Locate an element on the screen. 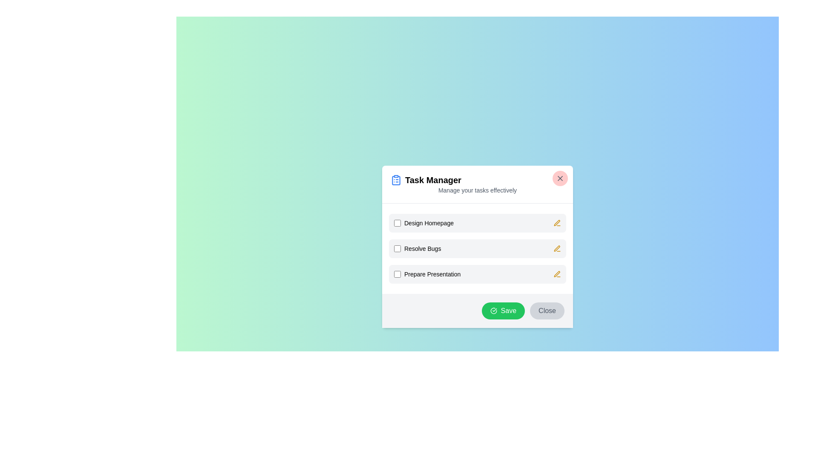 The image size is (818, 460). the checkbox in the third task row of the task list in the 'Task Manager' interface to mark the task as complete is located at coordinates (427, 274).